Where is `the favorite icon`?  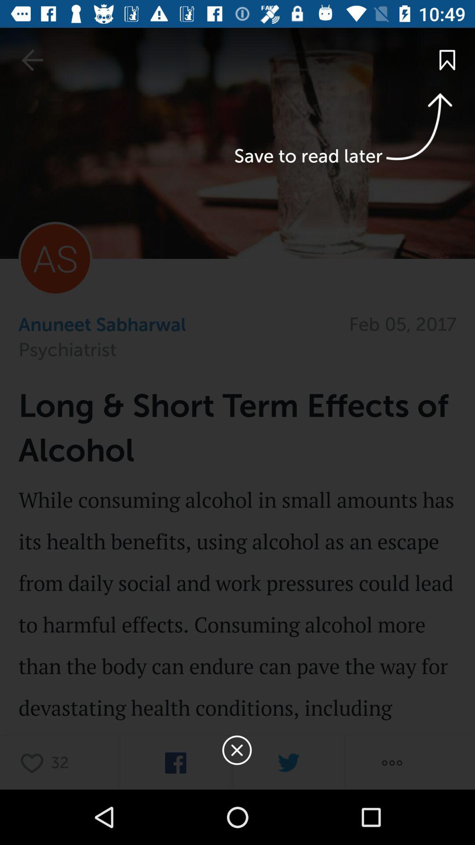
the favorite icon is located at coordinates (34, 762).